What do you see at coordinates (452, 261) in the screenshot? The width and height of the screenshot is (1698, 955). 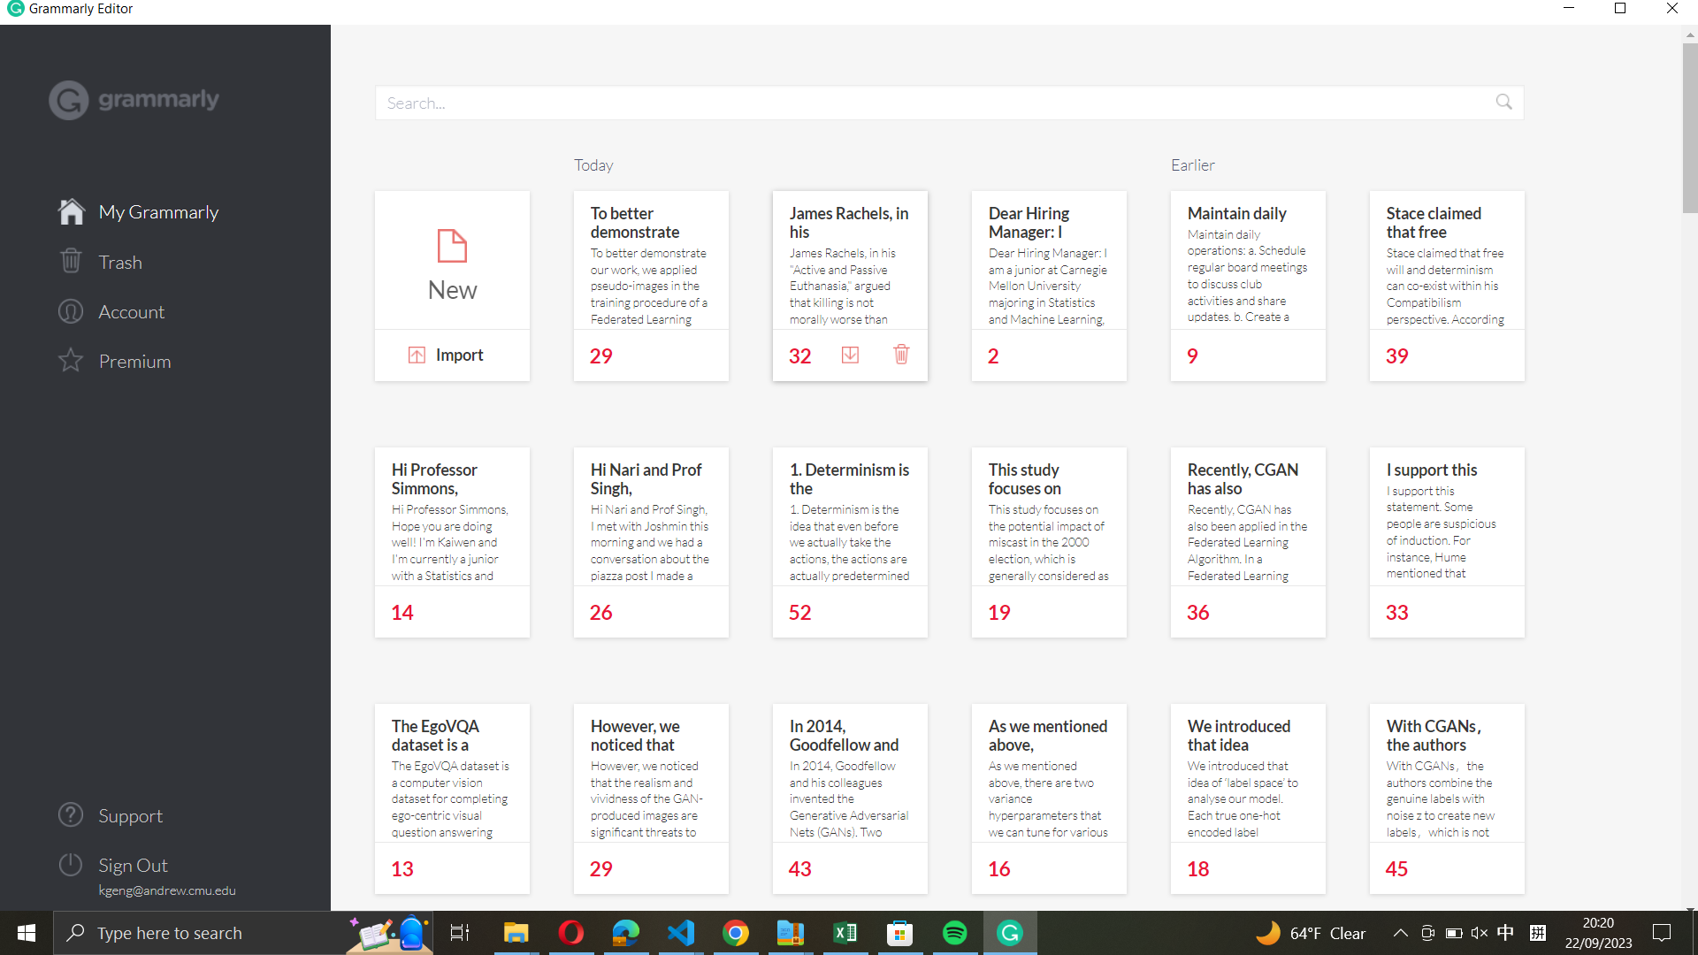 I see `the "new_document" option and select it` at bounding box center [452, 261].